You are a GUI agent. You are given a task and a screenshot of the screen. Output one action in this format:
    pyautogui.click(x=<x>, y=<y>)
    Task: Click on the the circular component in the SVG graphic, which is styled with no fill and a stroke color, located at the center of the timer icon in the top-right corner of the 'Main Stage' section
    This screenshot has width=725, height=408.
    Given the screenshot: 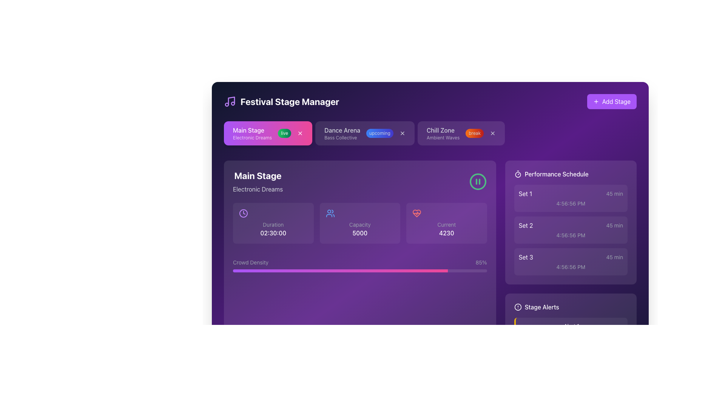 What is the action you would take?
    pyautogui.click(x=517, y=175)
    